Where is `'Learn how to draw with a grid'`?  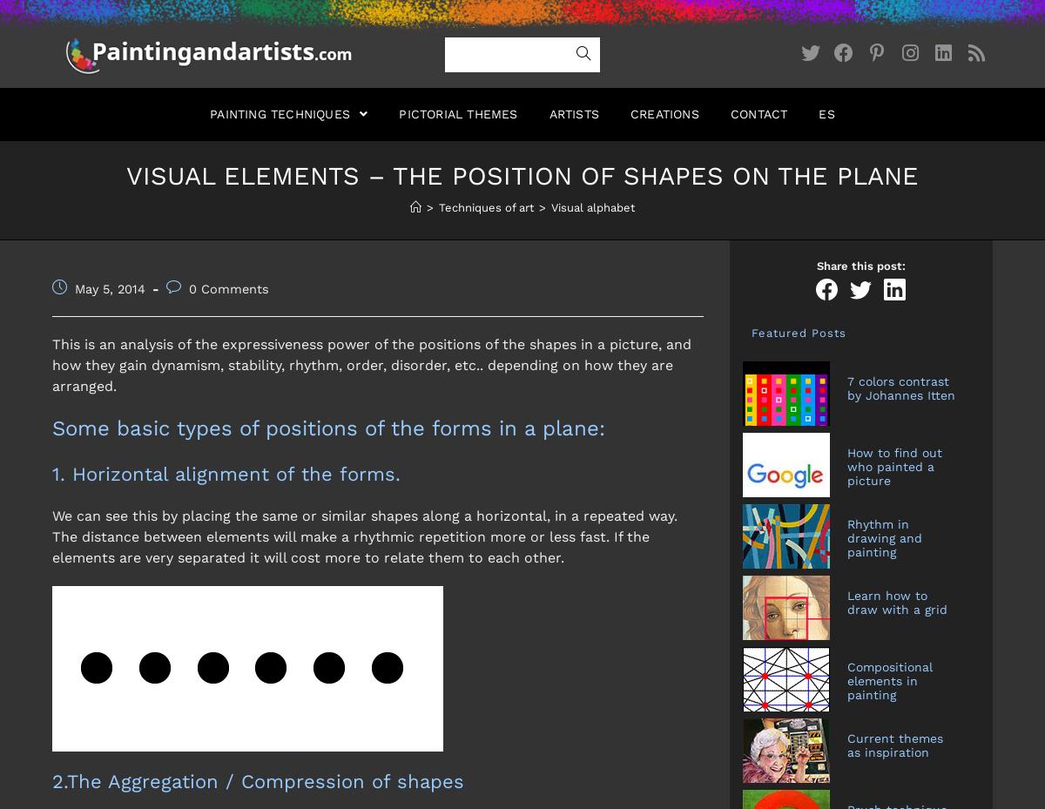 'Learn how to draw with a grid' is located at coordinates (846, 601).